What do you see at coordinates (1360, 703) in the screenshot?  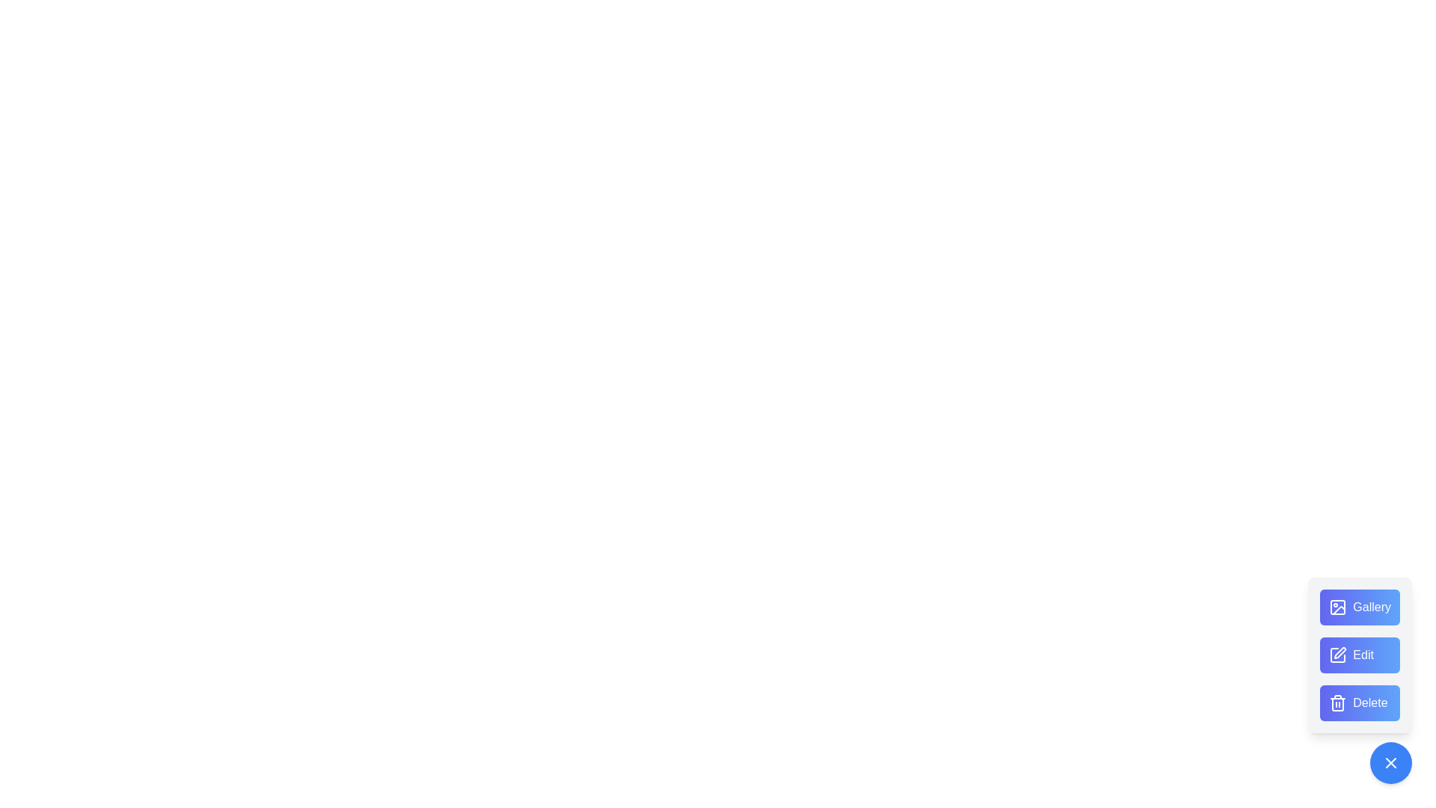 I see `the 'Delete' button to remove an item` at bounding box center [1360, 703].